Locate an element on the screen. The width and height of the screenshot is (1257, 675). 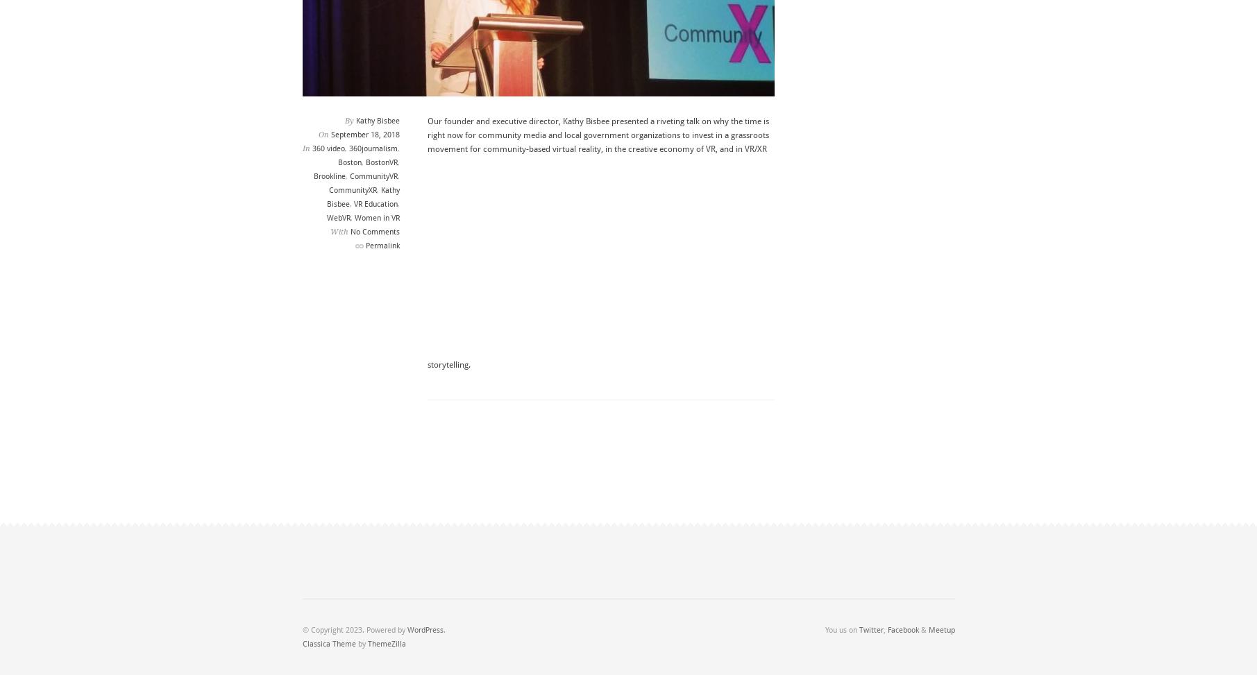
'With' is located at coordinates (339, 232).